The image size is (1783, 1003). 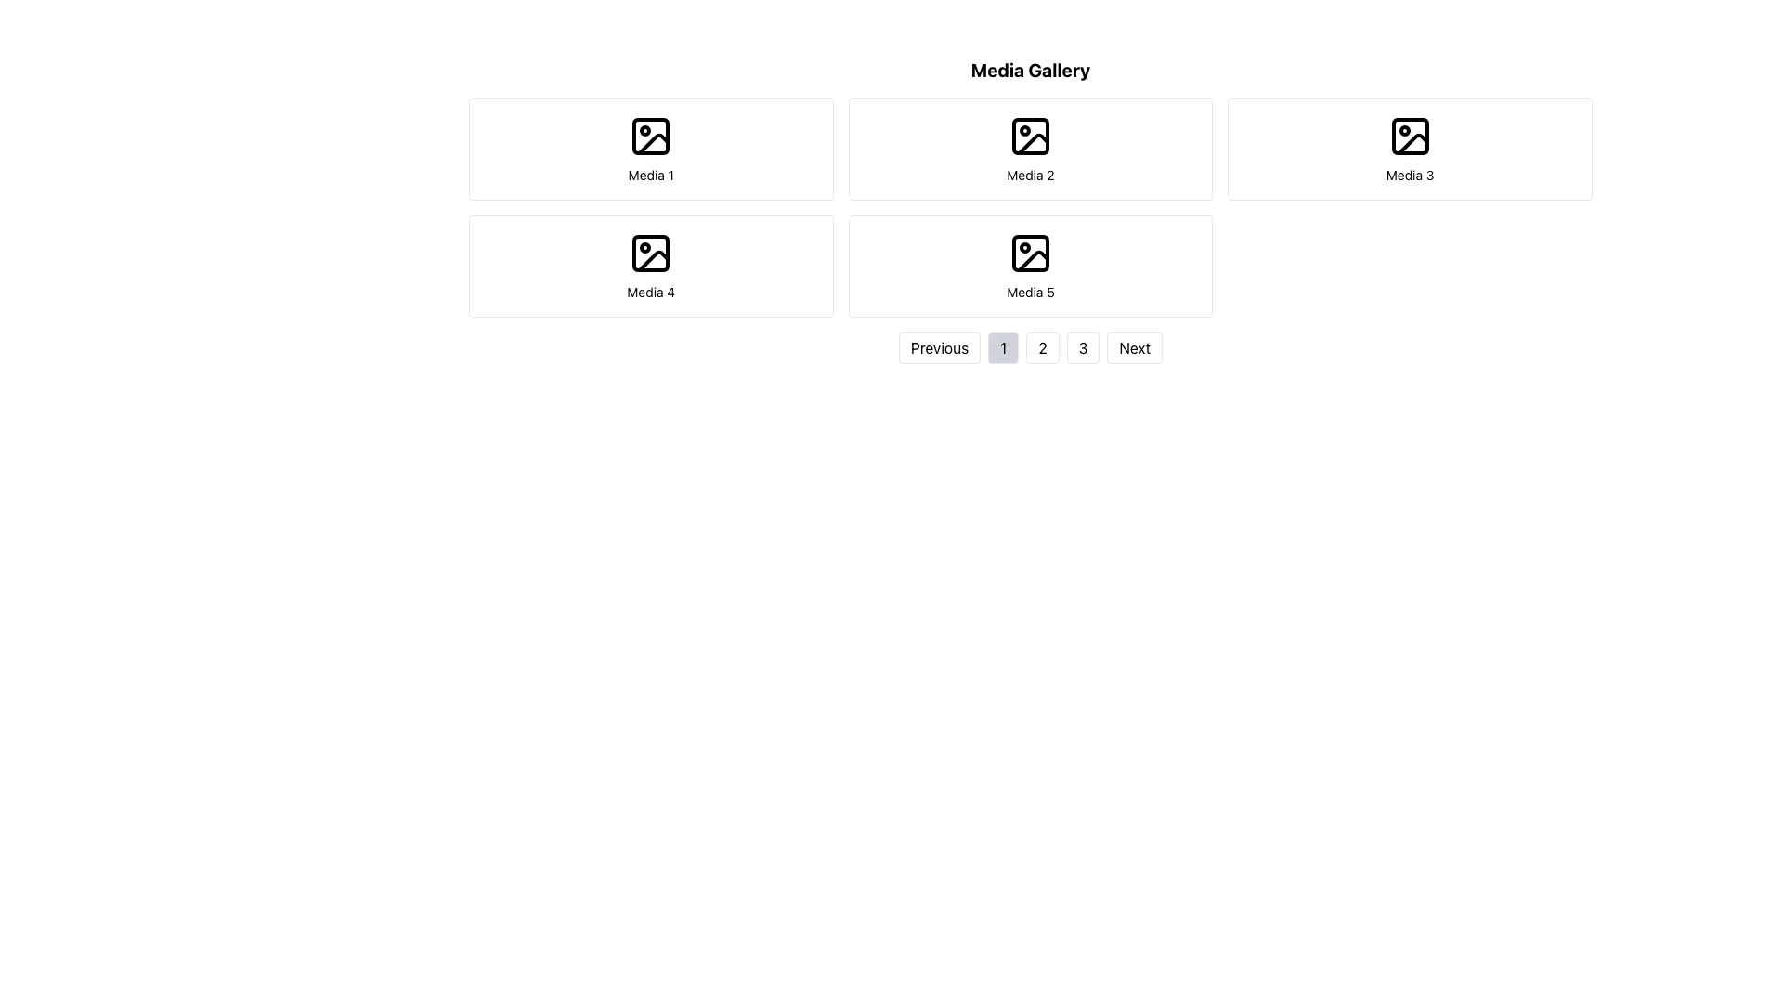 I want to click on the decorative rectangle that serves as a visual boundary for the image content inside the 'Media 3' image icon in the 'Media Gallery', so click(x=1410, y=135).